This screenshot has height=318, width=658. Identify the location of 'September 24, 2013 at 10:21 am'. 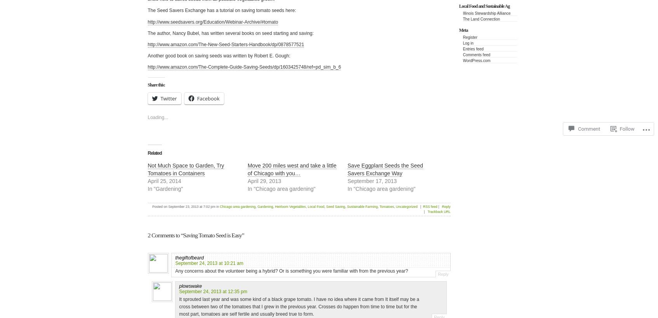
(175, 263).